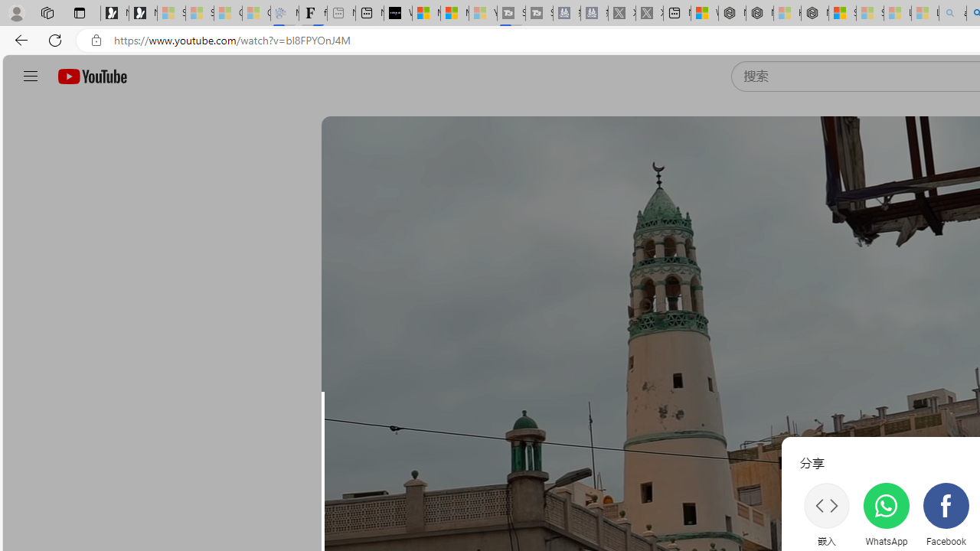  I want to click on 'Newsletter Sign Up', so click(142, 13).